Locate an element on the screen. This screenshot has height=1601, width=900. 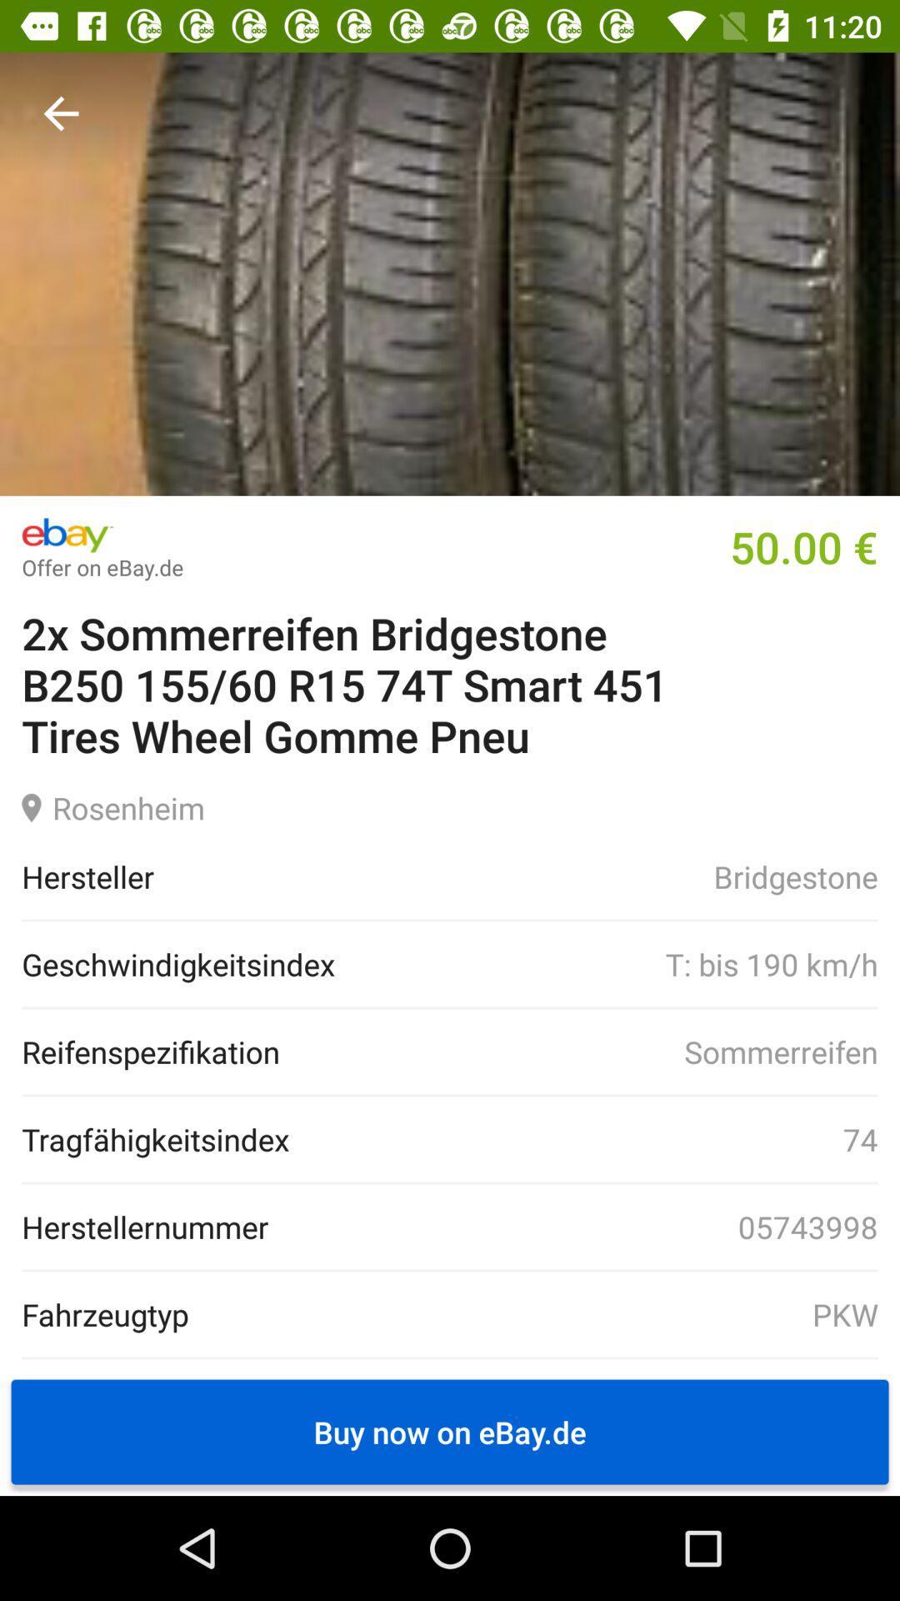
the t bis 190 item is located at coordinates (606, 964).